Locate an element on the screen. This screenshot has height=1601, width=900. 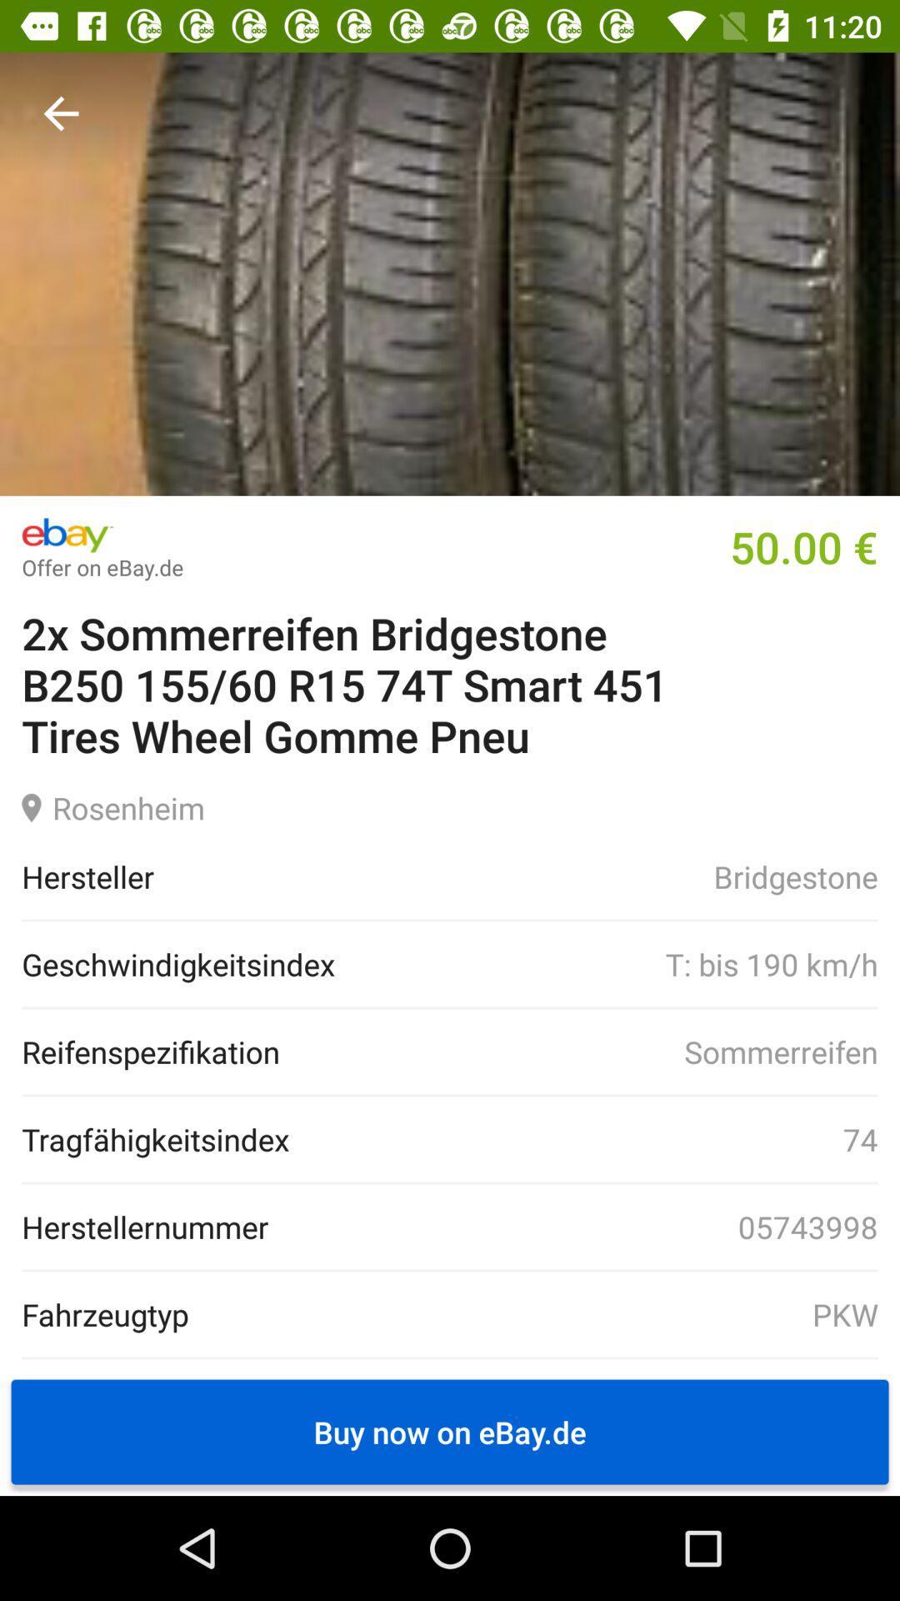
the t bis 190 item is located at coordinates (606, 964).